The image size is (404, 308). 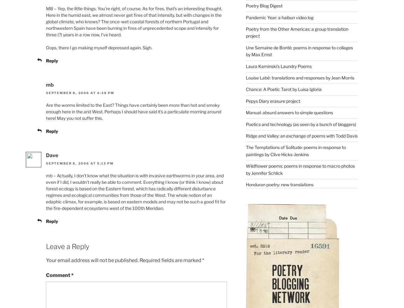 What do you see at coordinates (135, 192) in the screenshot?
I see `'mb – Actually, I don’t know what the situation is with invasive earthworms in your area, and even if I did, I wouldn’t really be able to comment. Everything I know (or think I know) about forest ecology is based on the Eastern forest, which has radically different disturbance regimes and ecological communities from those of the West. The whole notion of an edaphic climax, for example, is based on eastern models and may not be such a good fit for the fire-dependent ecosystems west of the 100th Meridian.'` at bounding box center [135, 192].